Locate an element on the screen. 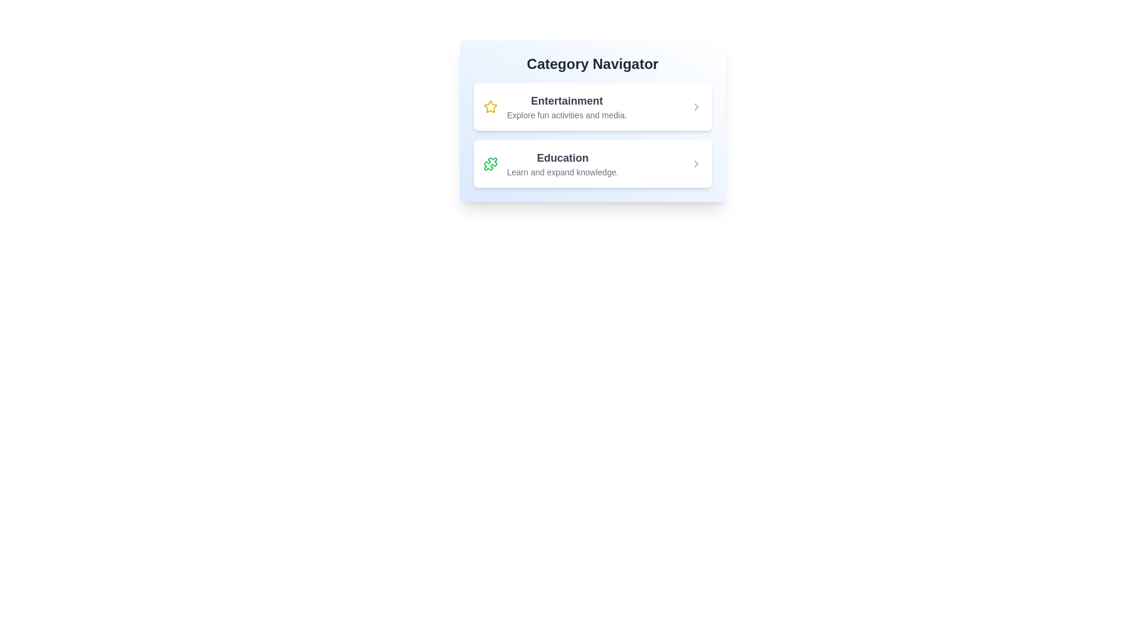 This screenshot has height=642, width=1142. the star icon with a yellow border located in the top left corner of the 'Entertainment' card in the Category Navigator section is located at coordinates (490, 106).